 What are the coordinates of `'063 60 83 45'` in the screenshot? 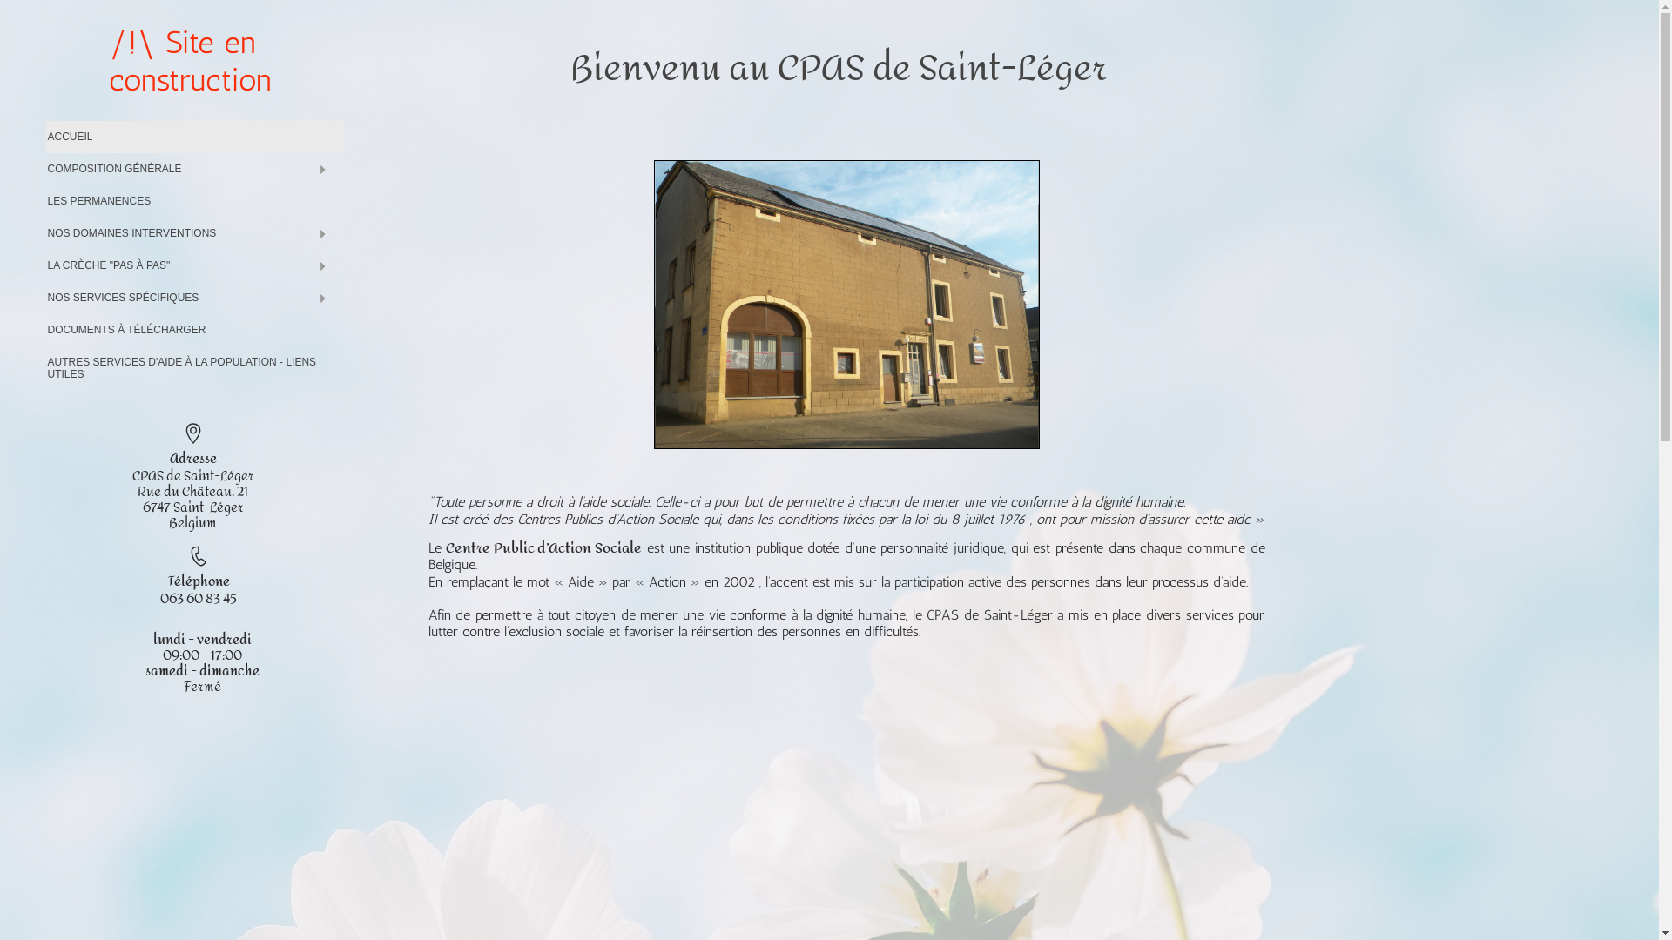 It's located at (159, 598).